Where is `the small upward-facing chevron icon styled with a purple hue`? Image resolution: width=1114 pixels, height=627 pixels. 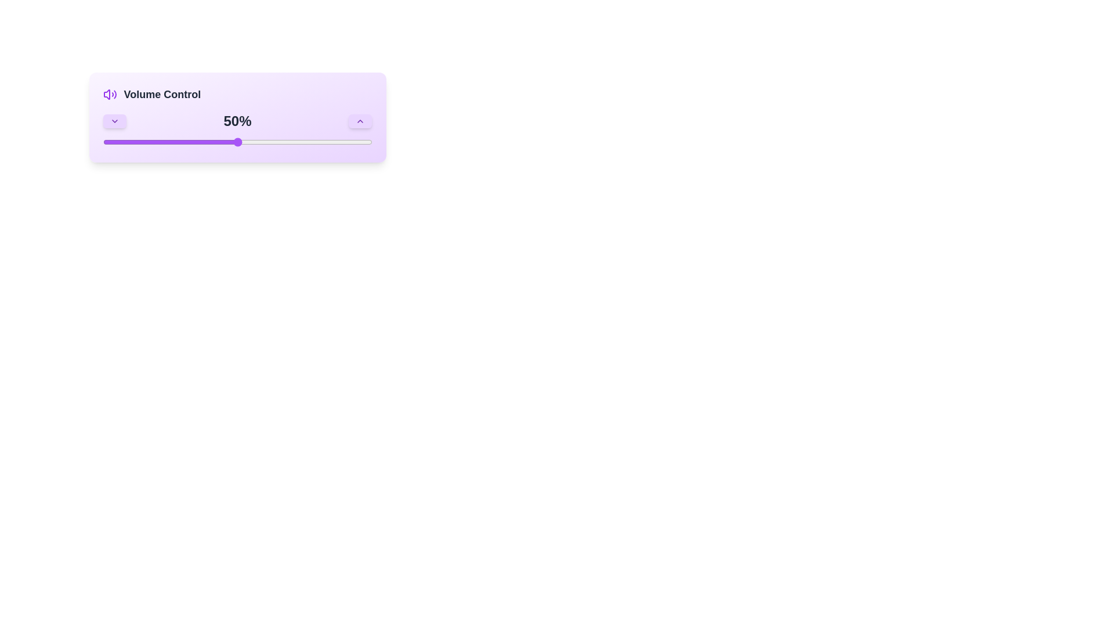
the small upward-facing chevron icon styled with a purple hue is located at coordinates (360, 121).